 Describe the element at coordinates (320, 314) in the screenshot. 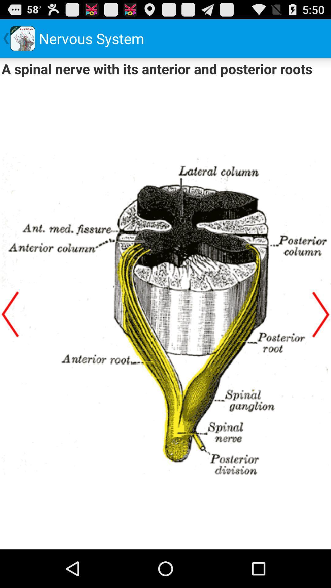

I see `next image` at that location.